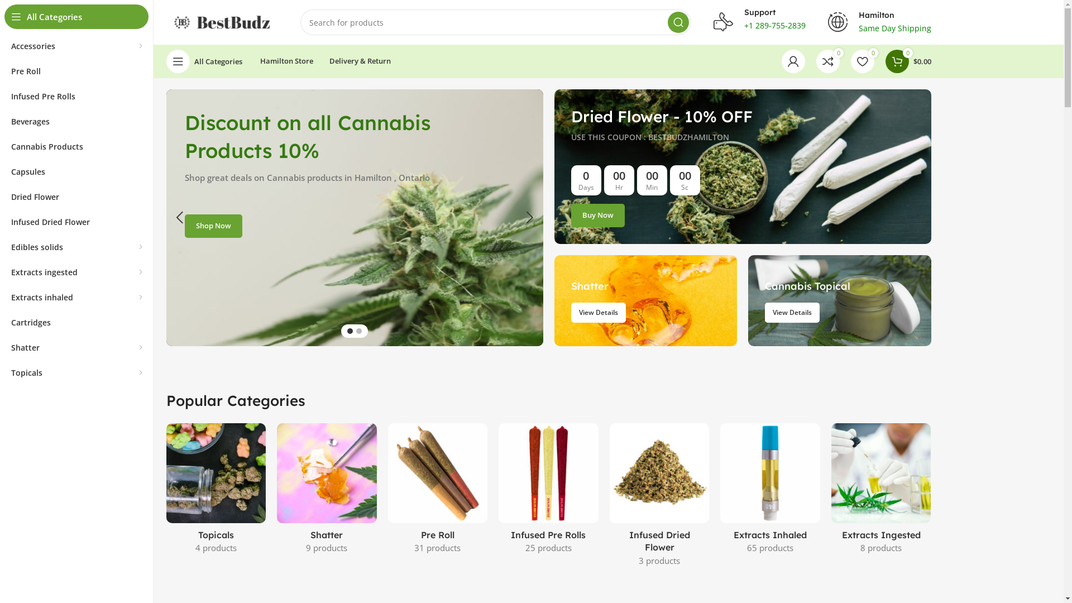  What do you see at coordinates (76, 121) in the screenshot?
I see `'Beverages'` at bounding box center [76, 121].